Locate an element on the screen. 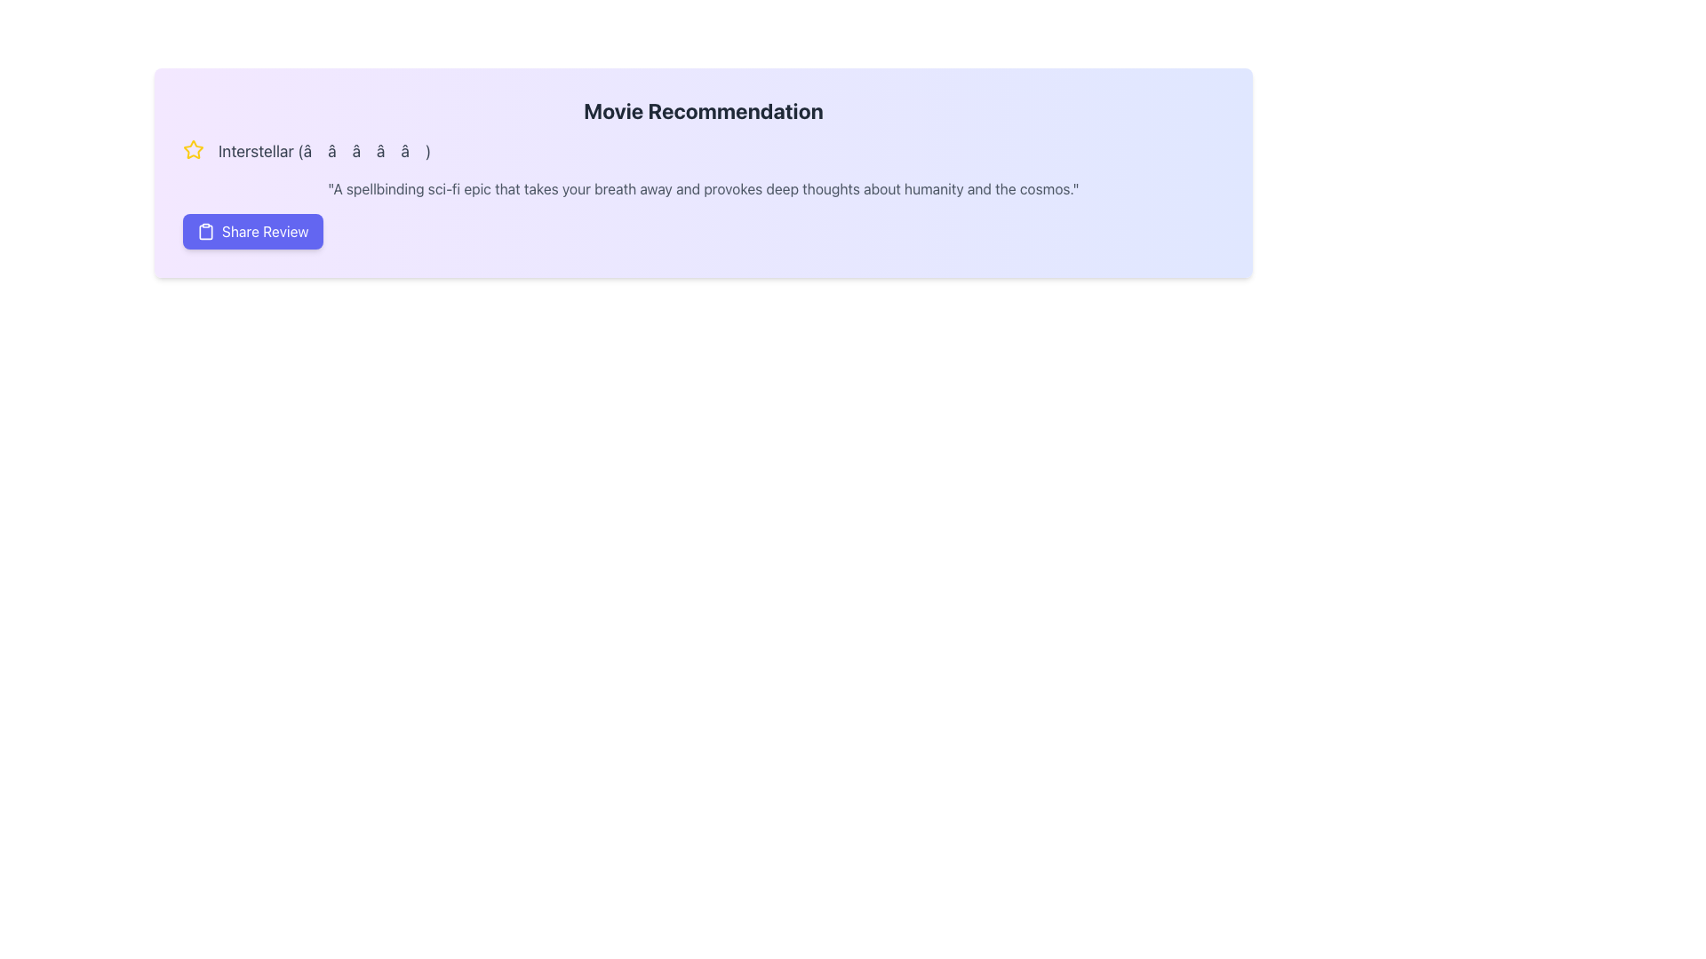 Image resolution: width=1706 pixels, height=959 pixels. the first star icon in the rating system, which is located before the text 'Interstellar' is located at coordinates (193, 149).